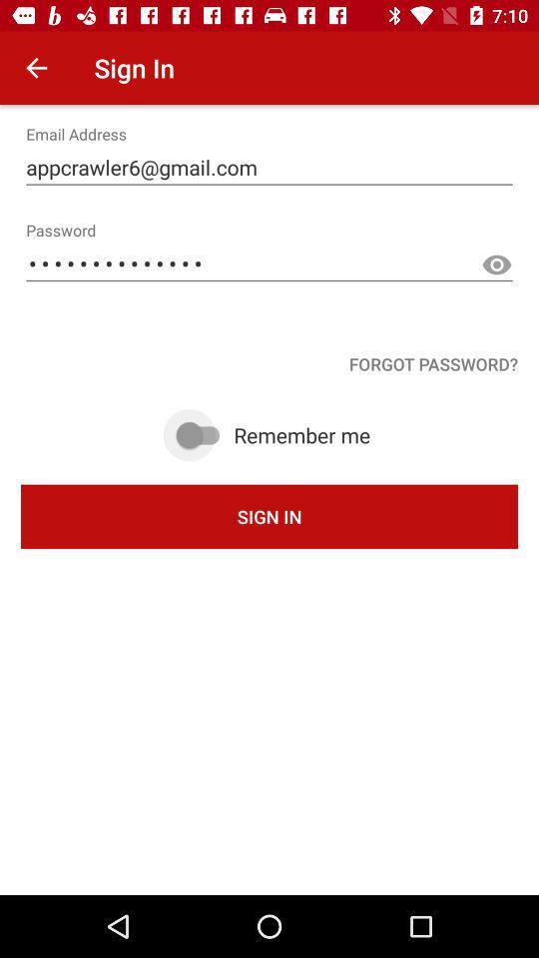  What do you see at coordinates (201, 435) in the screenshot?
I see `remember me option` at bounding box center [201, 435].